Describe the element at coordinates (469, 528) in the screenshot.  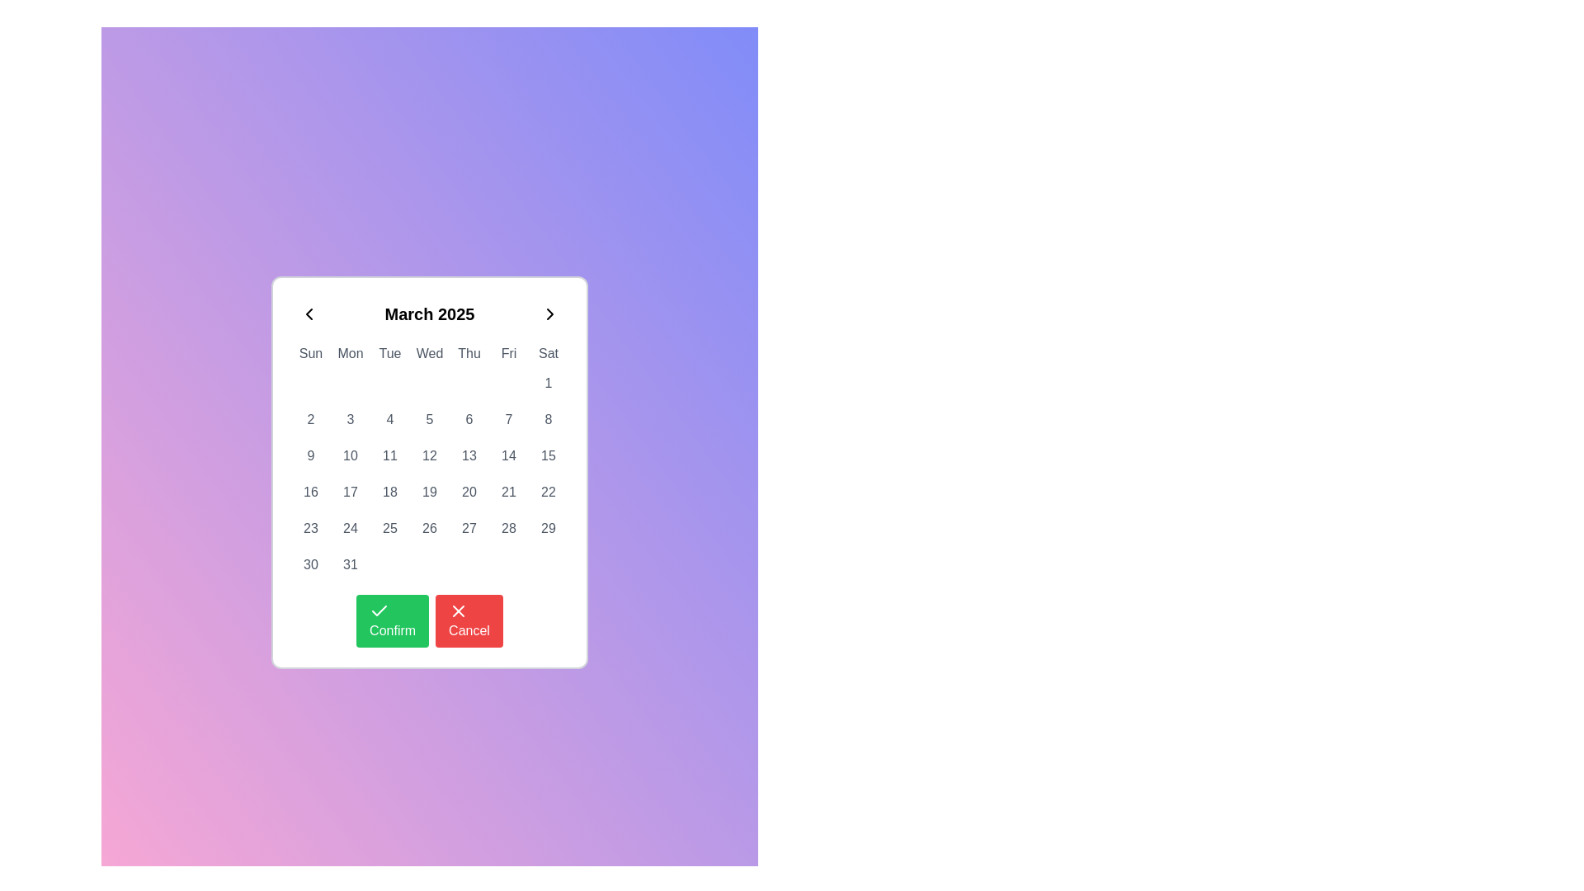
I see `the button representing the date '27' in the March 2025 calendar` at that location.